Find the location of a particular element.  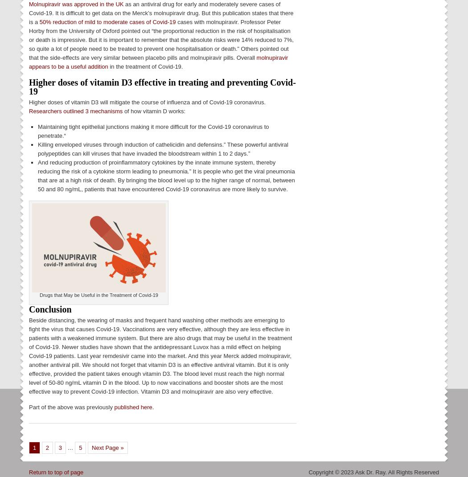

'Drugs that May be Useful in the Treatment of Covid-19' is located at coordinates (98, 295).